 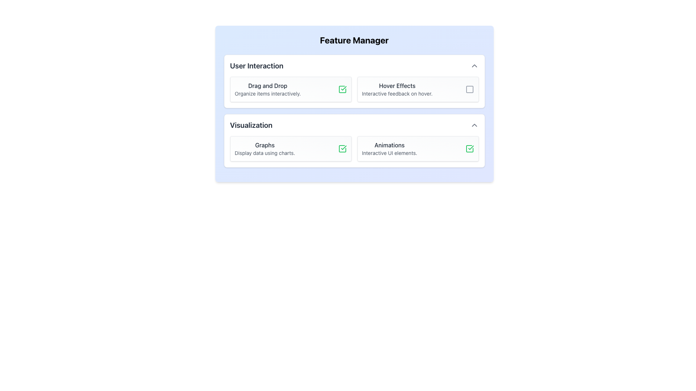 I want to click on the static text label reading 'Interactive feedback on hover' located below the bold title 'Hover Effects' in the 'User Interaction' group of the 'Feature Manager' layout, so click(x=397, y=93).